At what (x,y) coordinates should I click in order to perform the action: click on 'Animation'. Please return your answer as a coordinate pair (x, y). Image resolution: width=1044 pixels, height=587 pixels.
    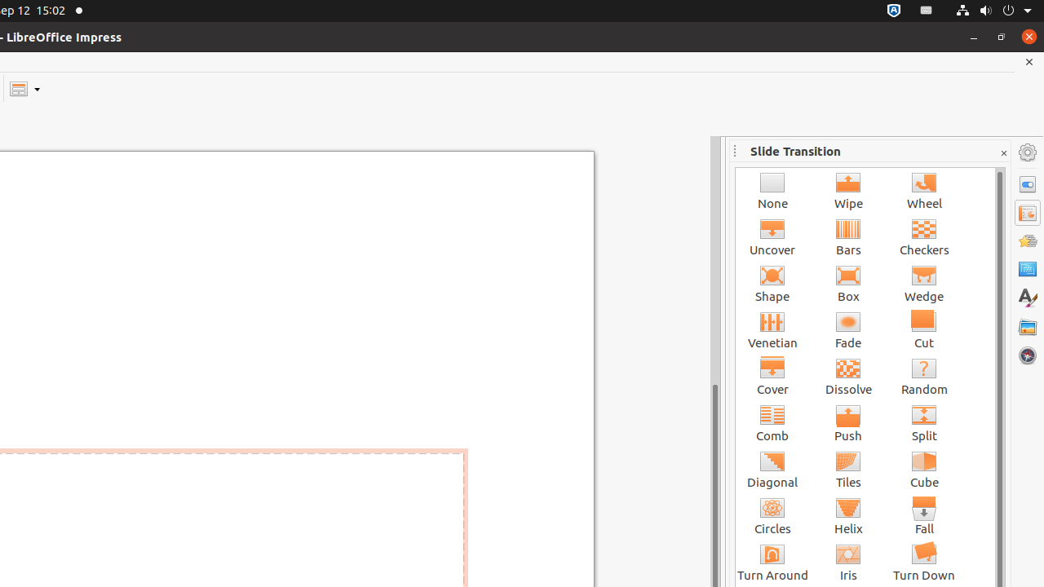
    Looking at the image, I should click on (1027, 241).